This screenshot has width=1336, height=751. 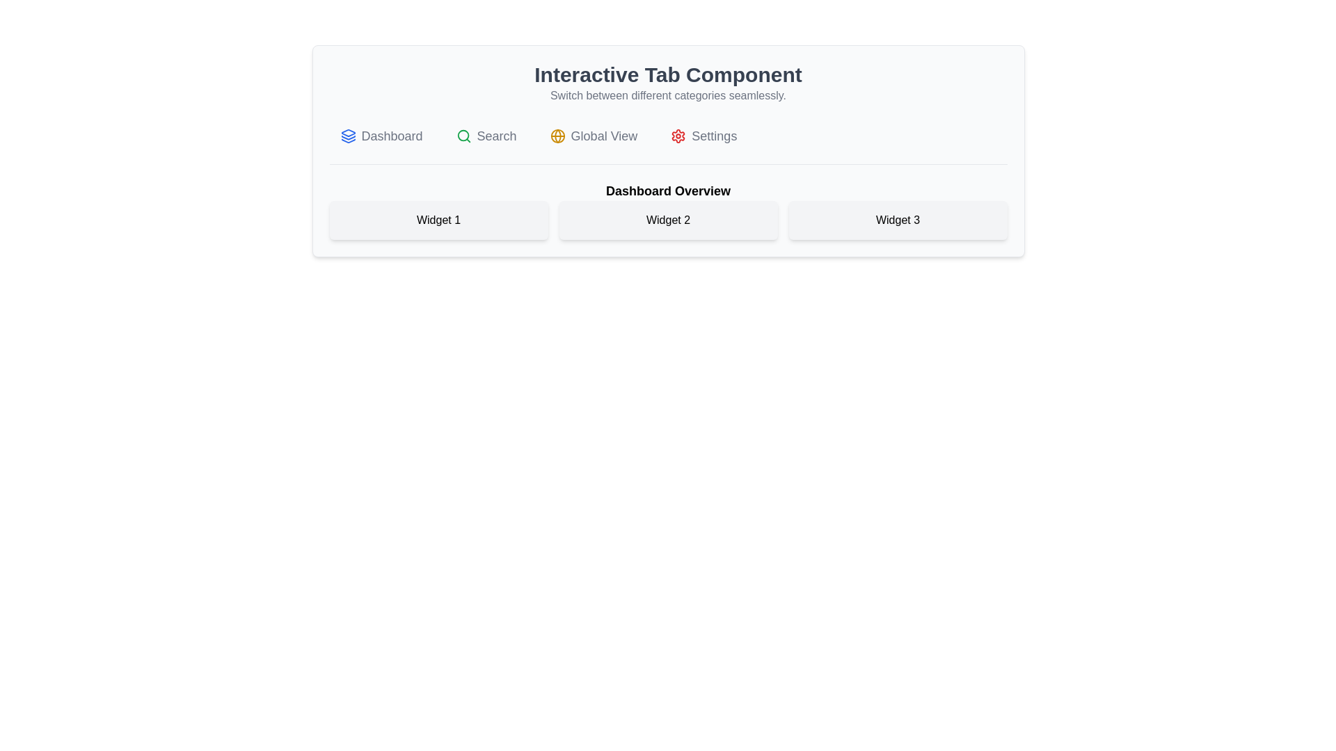 I want to click on the inner circular decorative symbol of the 'Global View' icon located in the top navigation menu, styled with a yellow color fill, so click(x=557, y=136).